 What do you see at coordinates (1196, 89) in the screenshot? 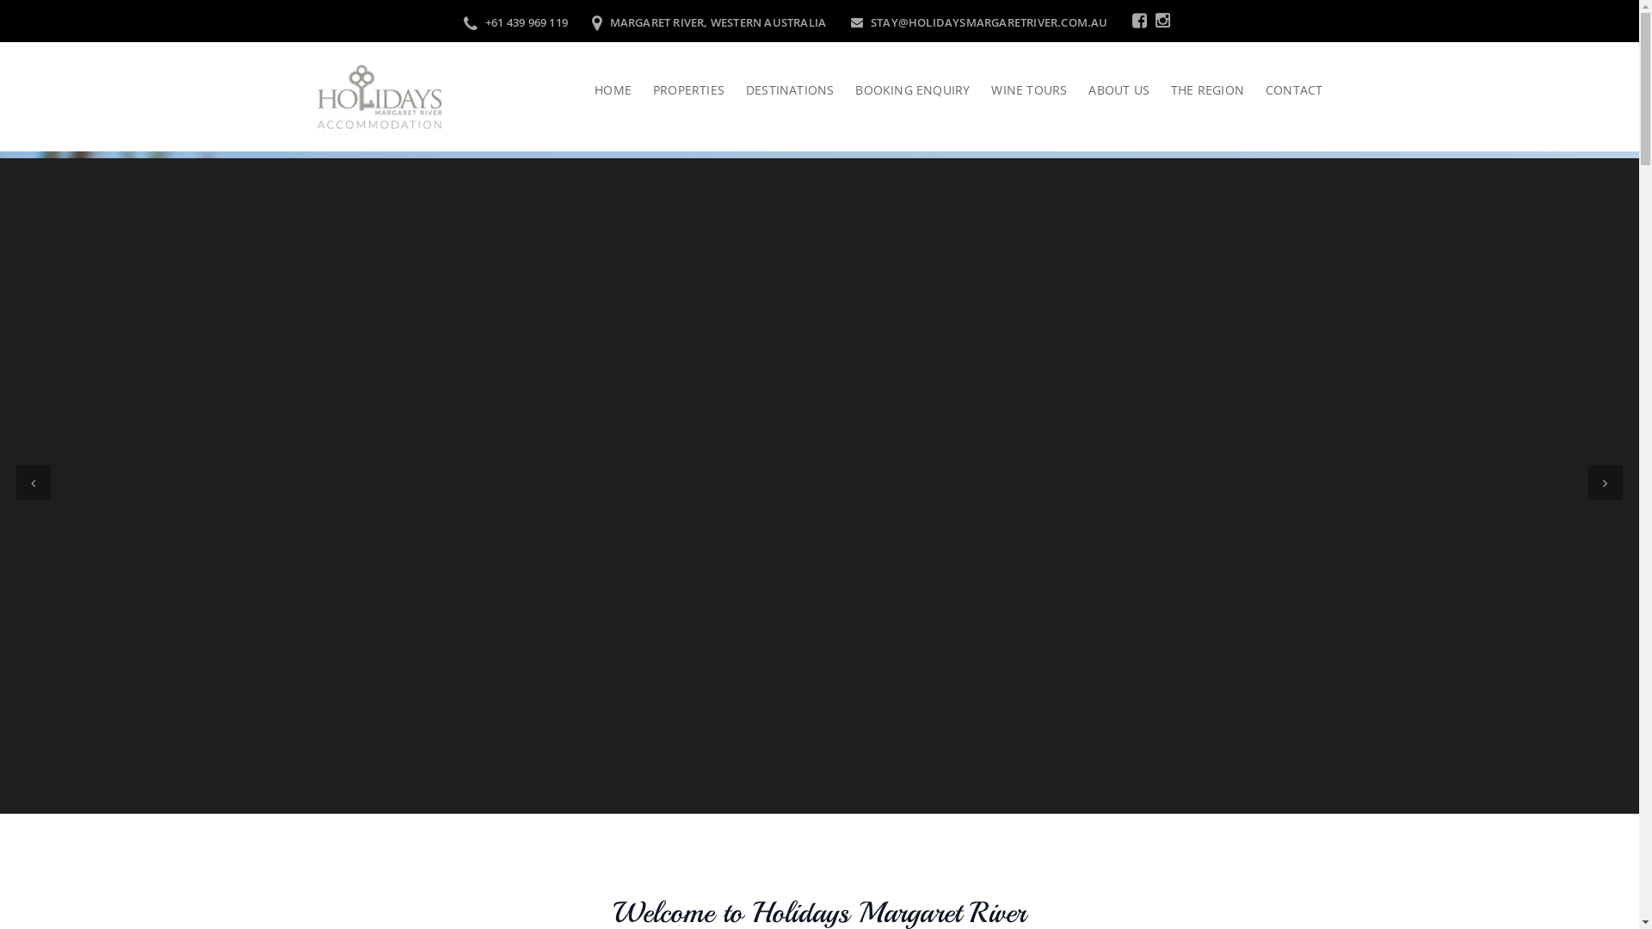
I see `'THE REGION'` at bounding box center [1196, 89].